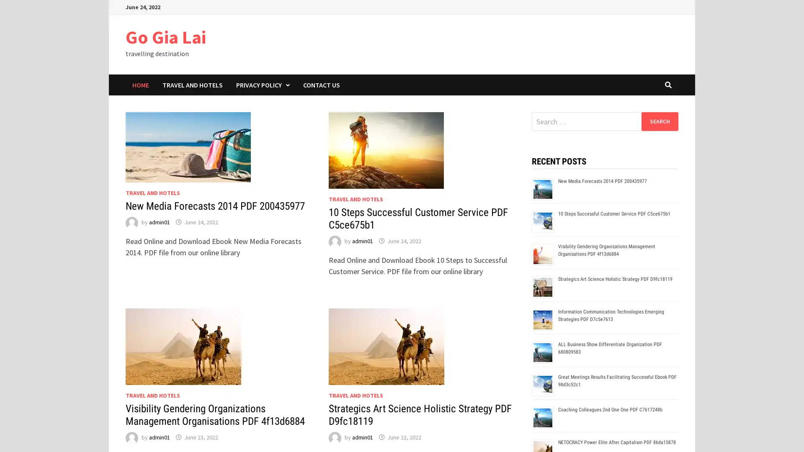  What do you see at coordinates (659, 121) in the screenshot?
I see `Search` at bounding box center [659, 121].